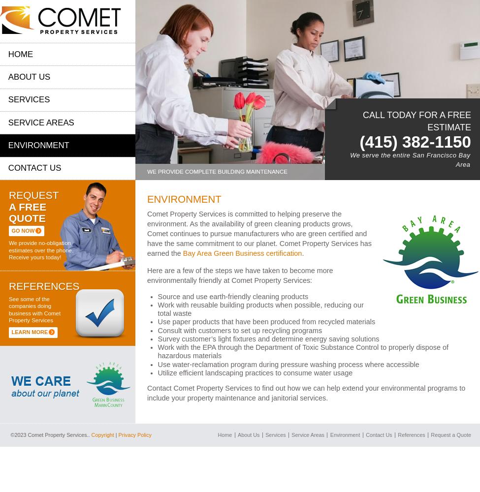  What do you see at coordinates (113, 435) in the screenshot?
I see `'|'` at bounding box center [113, 435].